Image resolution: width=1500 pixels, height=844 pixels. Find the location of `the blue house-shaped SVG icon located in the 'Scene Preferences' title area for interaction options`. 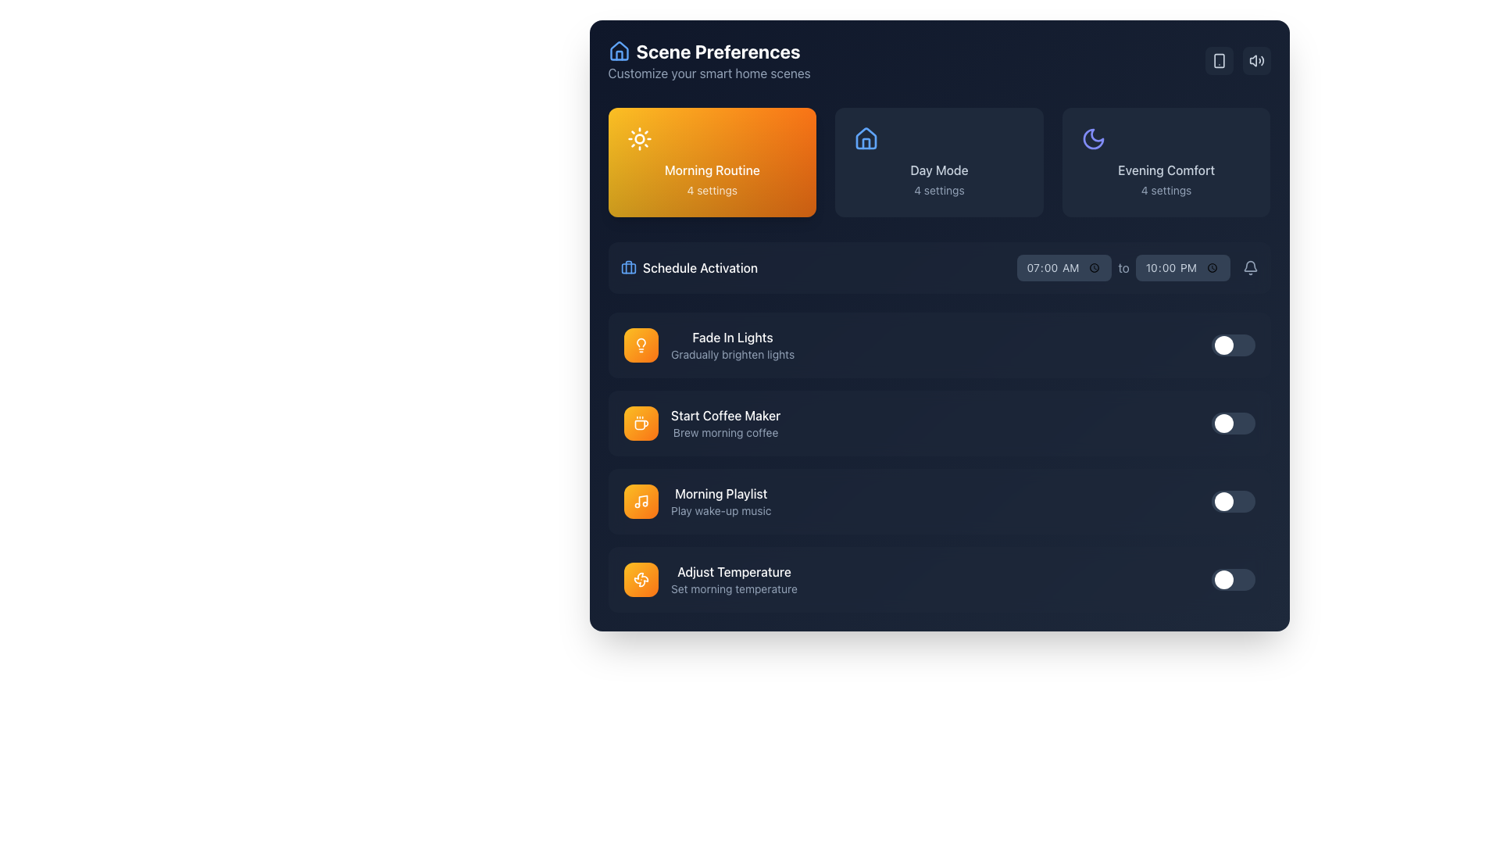

the blue house-shaped SVG icon located in the 'Scene Preferences' title area for interaction options is located at coordinates (618, 50).